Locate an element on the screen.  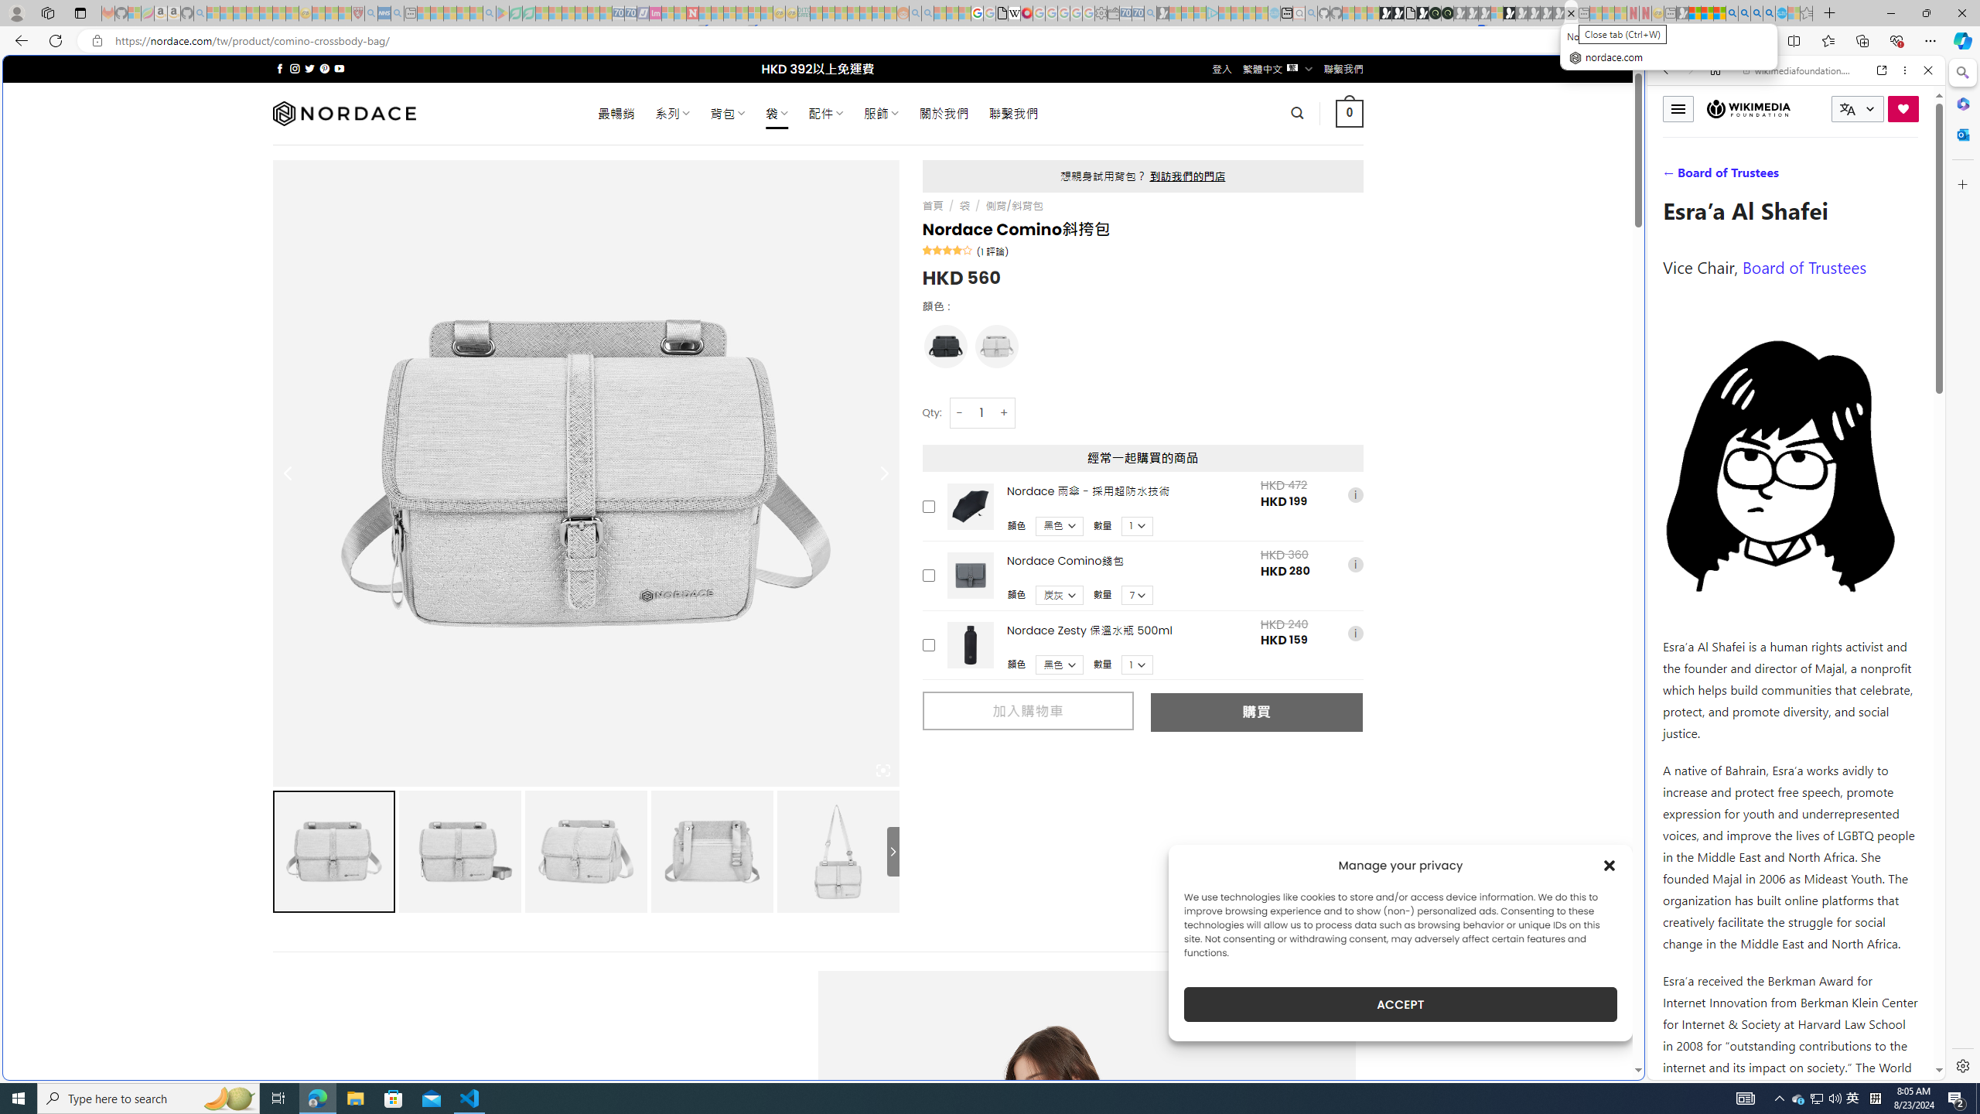
'Collections' is located at coordinates (1861, 39).